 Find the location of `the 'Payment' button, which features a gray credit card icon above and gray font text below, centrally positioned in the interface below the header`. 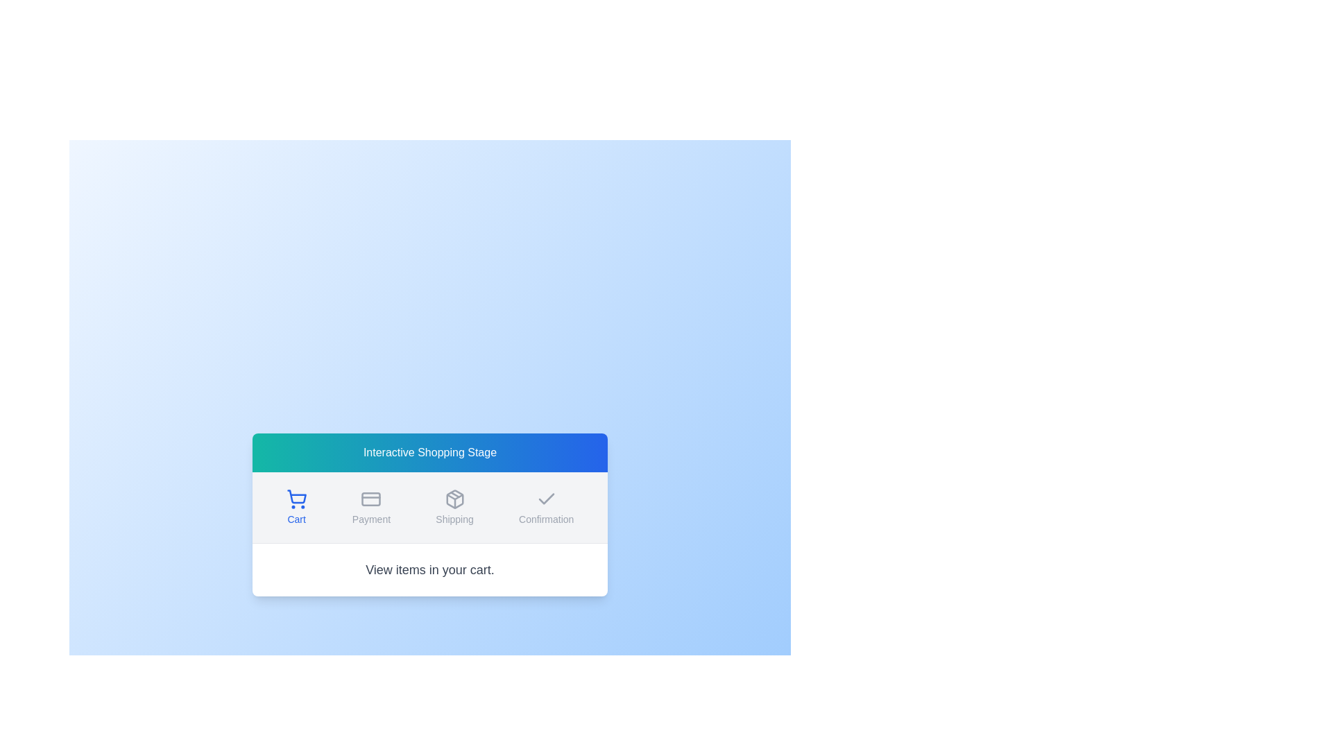

the 'Payment' button, which features a gray credit card icon above and gray font text below, centrally positioned in the interface below the header is located at coordinates (371, 507).